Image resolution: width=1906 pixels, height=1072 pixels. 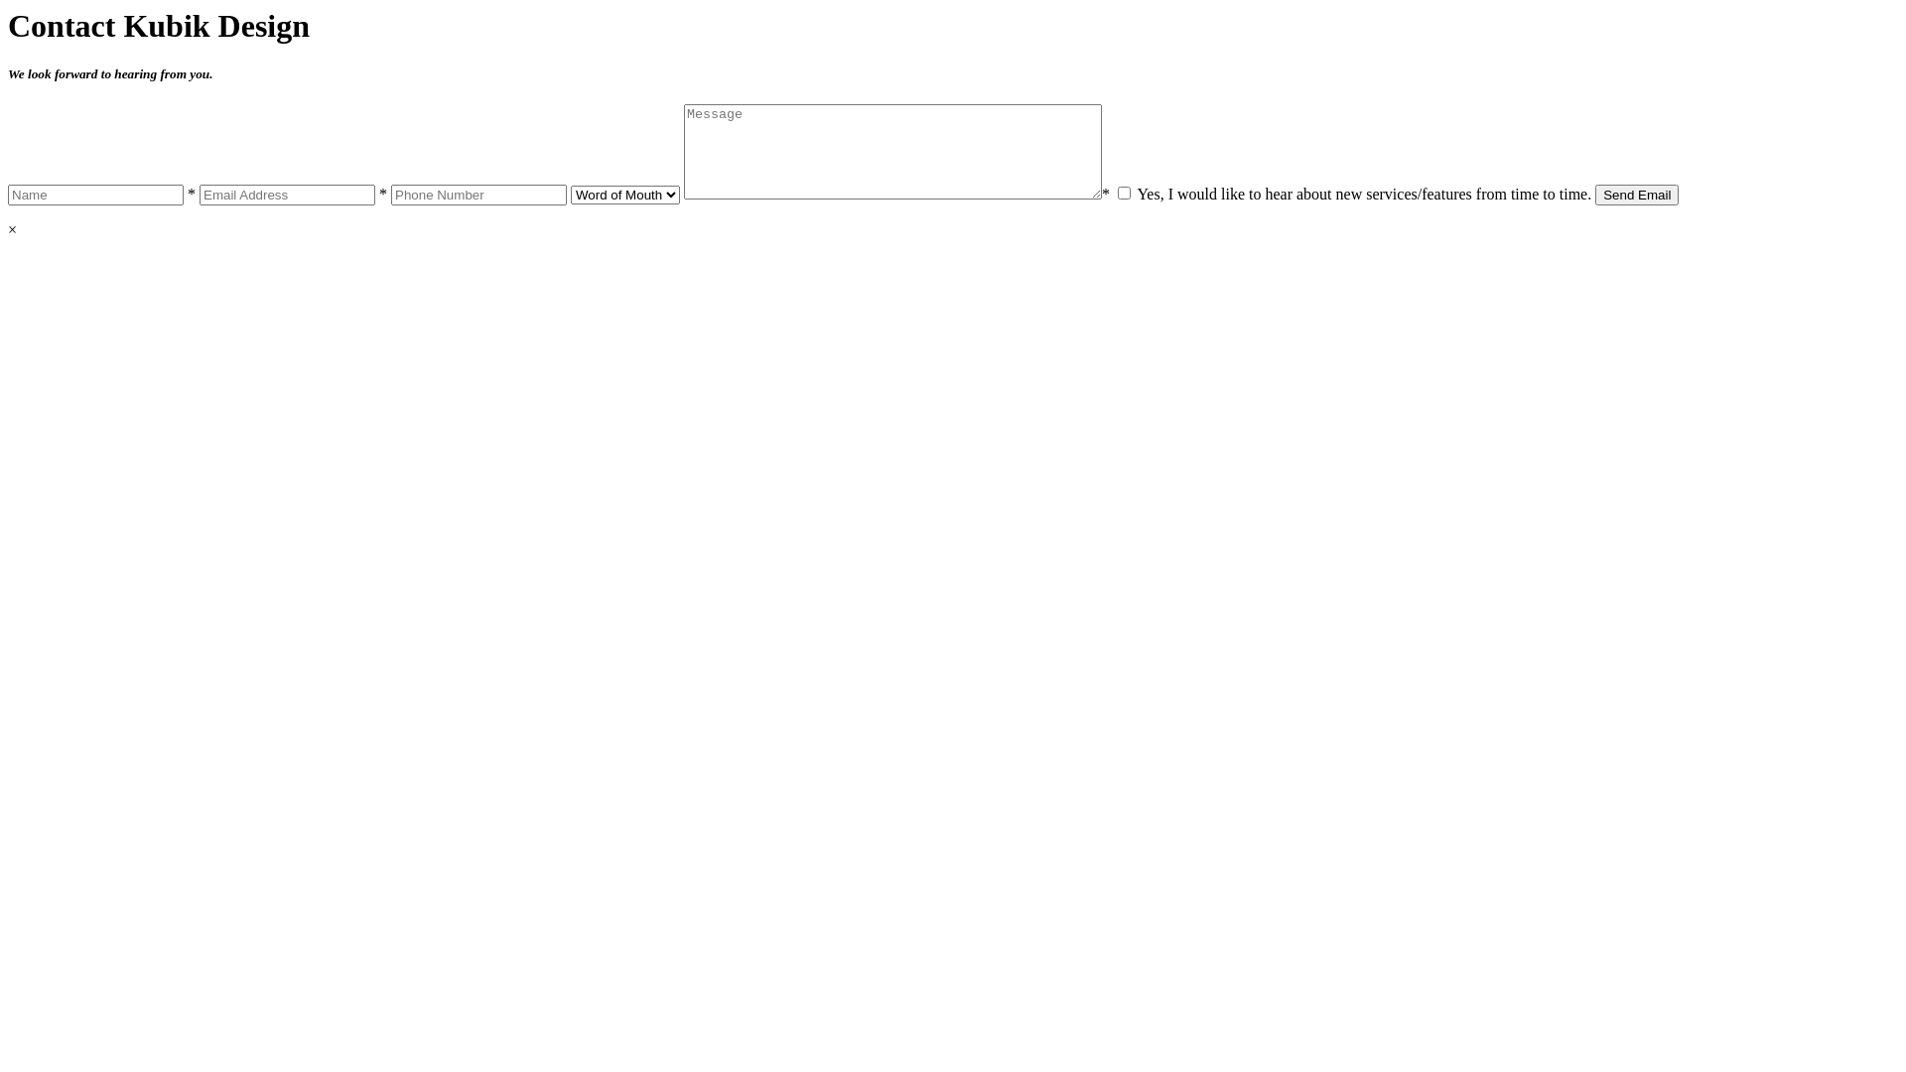 I want to click on 'Send Email', so click(x=1637, y=195).